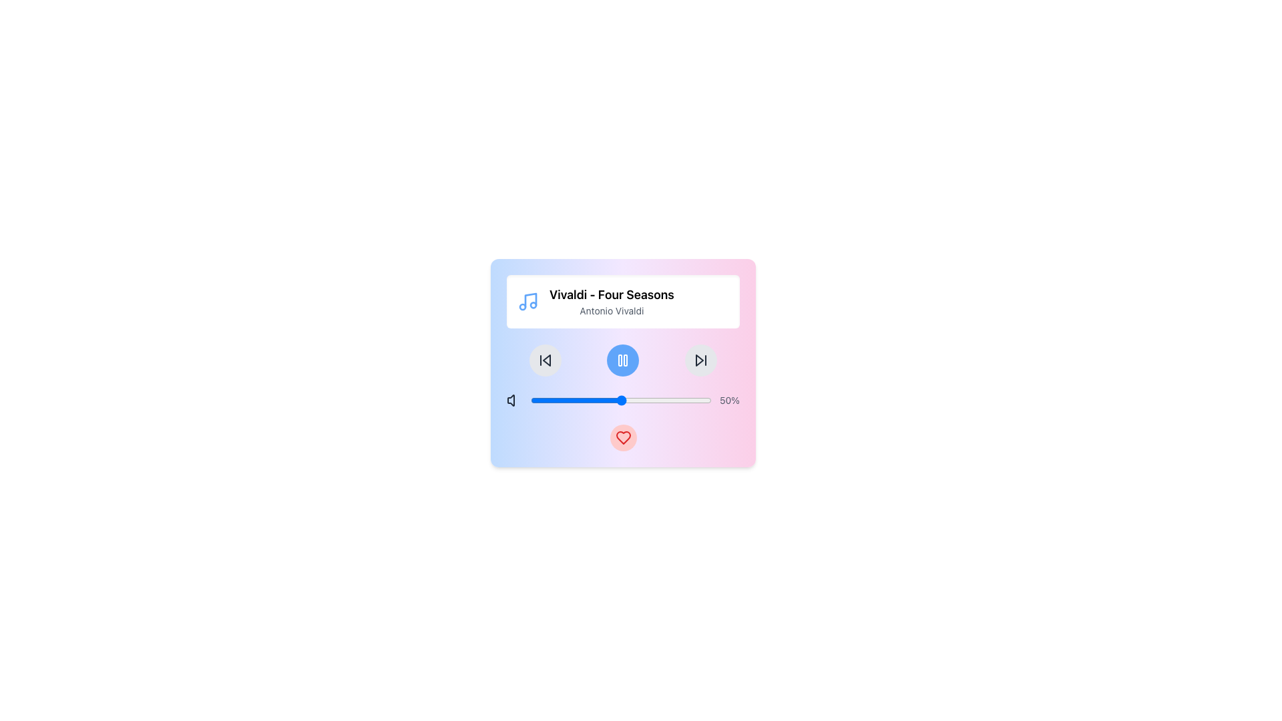  Describe the element at coordinates (625, 360) in the screenshot. I see `the right vertical bar of the pause icon located at the center of the player controller, which is styled with thin lines indicating it is inactive or not playing` at that location.